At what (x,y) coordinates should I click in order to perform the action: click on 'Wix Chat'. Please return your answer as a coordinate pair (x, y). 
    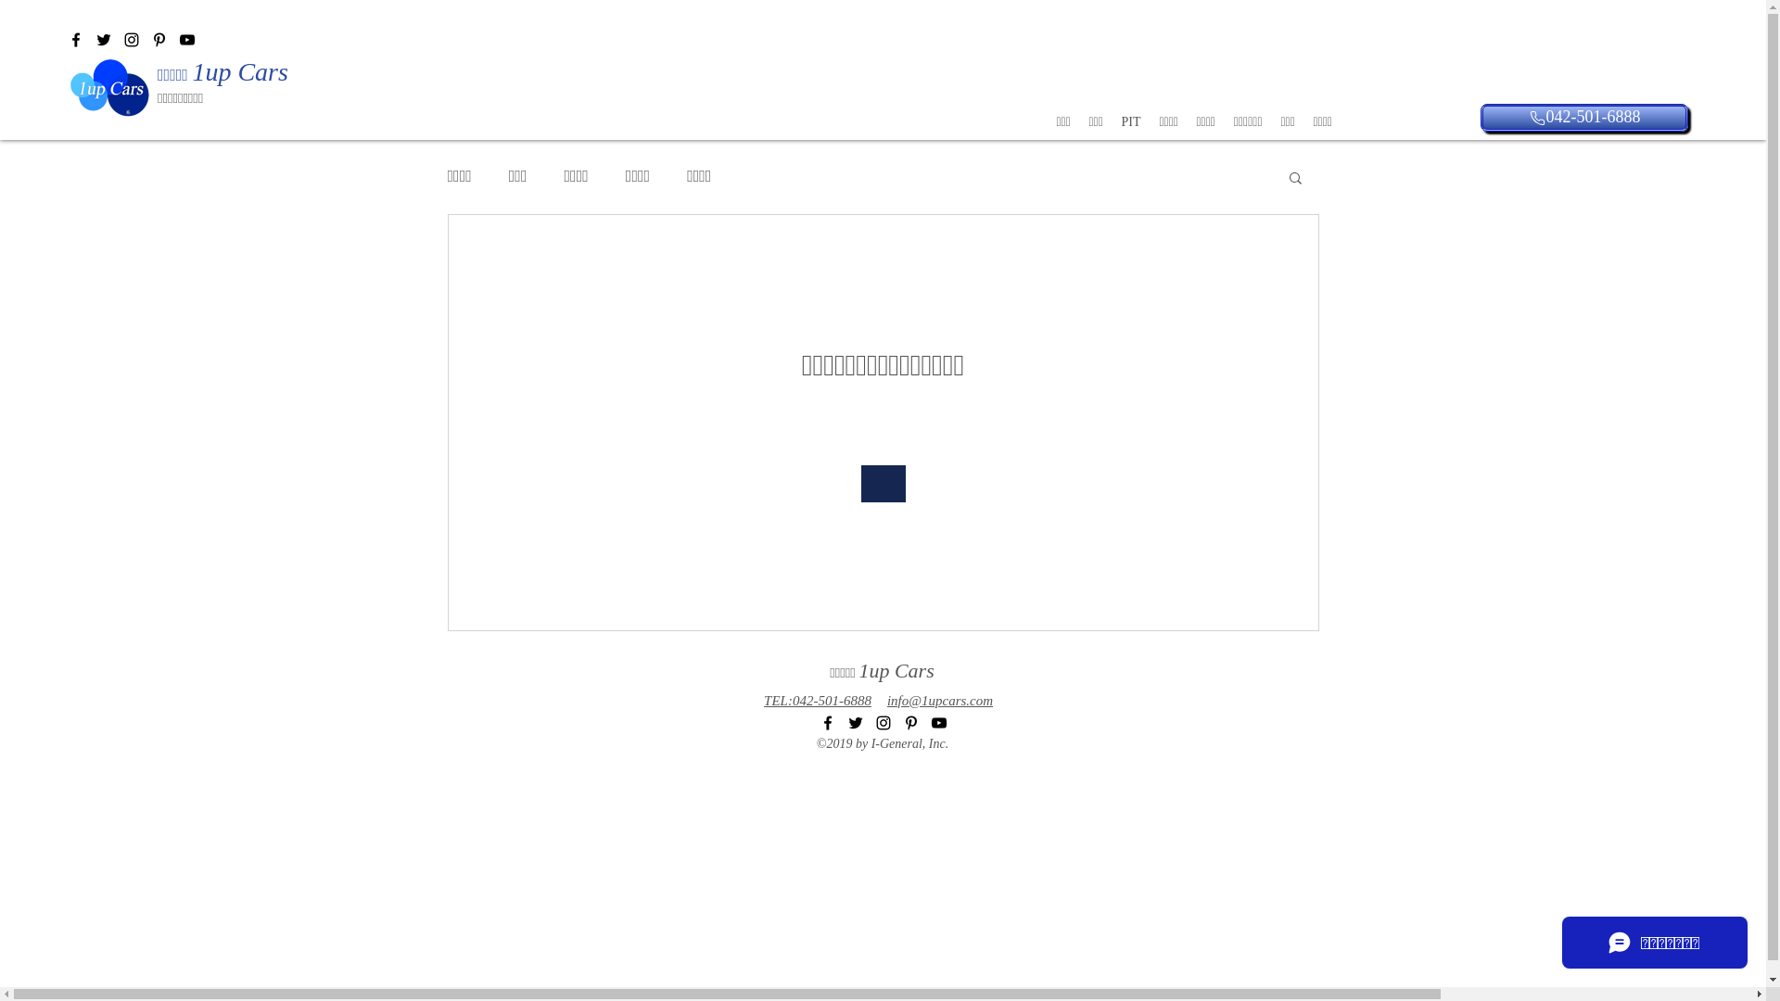
    Looking at the image, I should click on (1553, 947).